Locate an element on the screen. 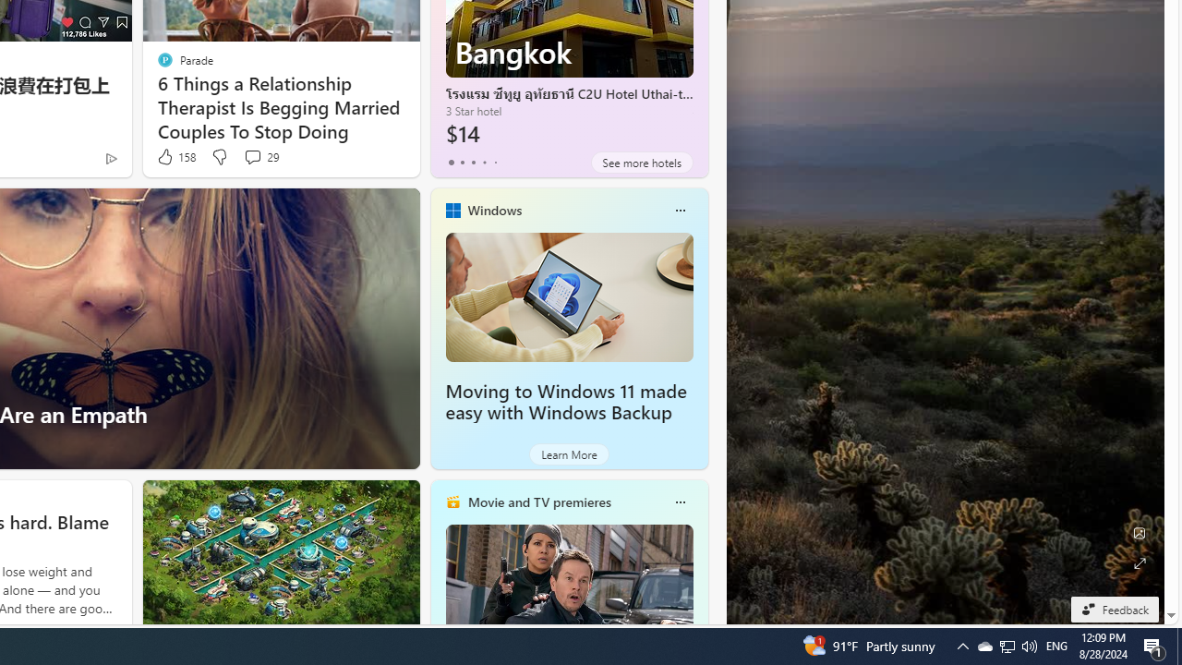 This screenshot has height=665, width=1182. 'tab-1' is located at coordinates (462, 162).